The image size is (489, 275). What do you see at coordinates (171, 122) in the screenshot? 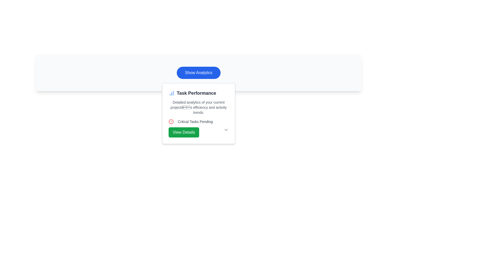
I see `the alert information by clicking on the Alert Icon located to the left of the text 'Critical Tasks Pending' in the notification section under the 'Task Performance' card` at bounding box center [171, 122].